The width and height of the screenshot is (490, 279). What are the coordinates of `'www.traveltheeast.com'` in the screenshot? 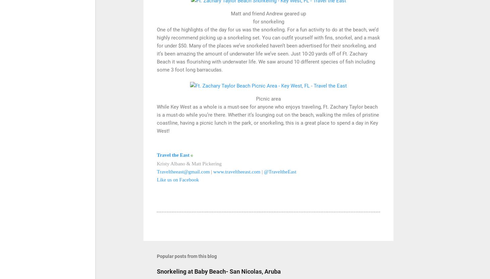 It's located at (236, 171).